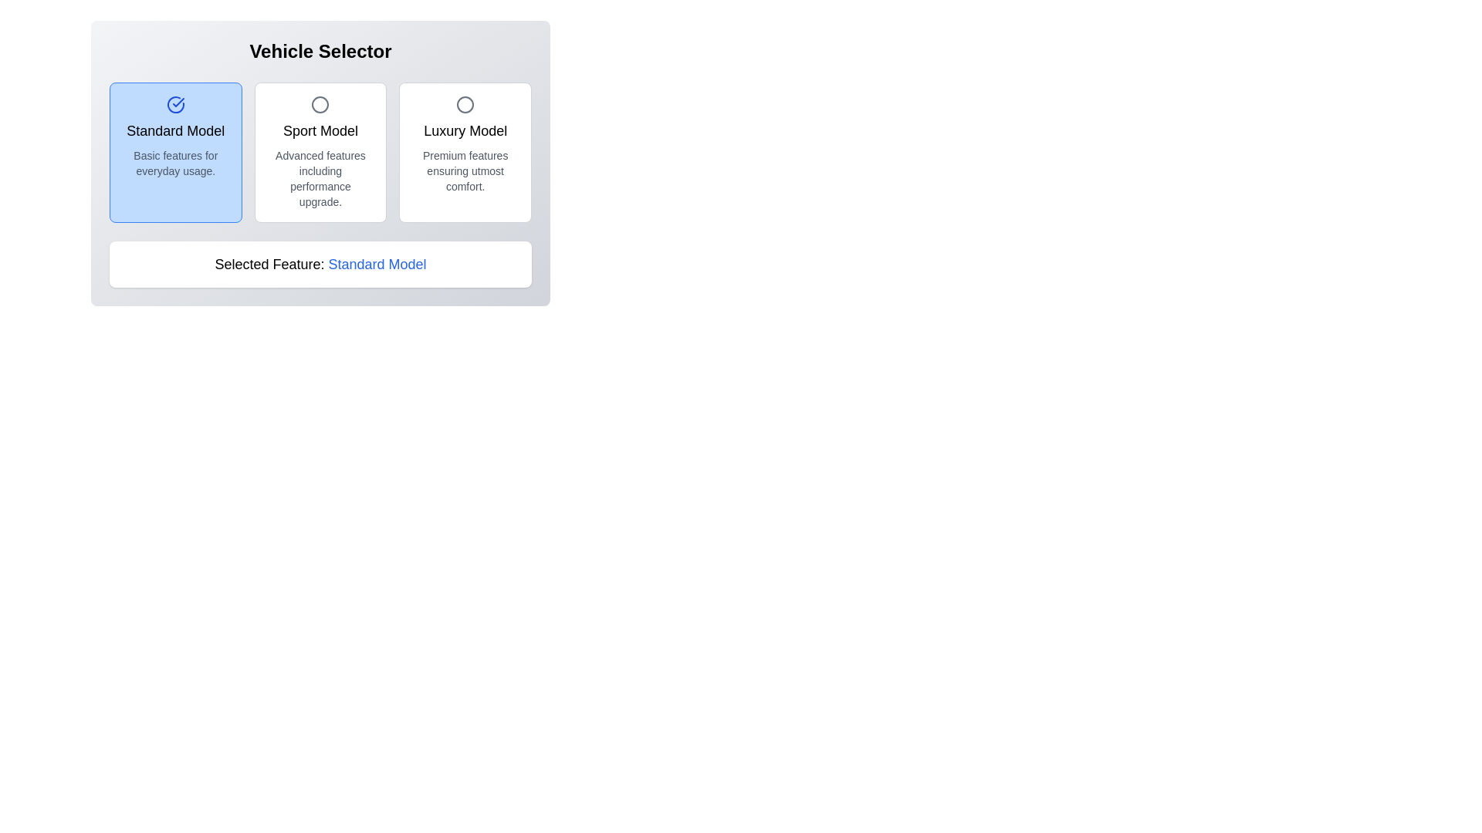 The height and width of the screenshot is (833, 1482). What do you see at coordinates (175, 130) in the screenshot?
I see `the text label located within the 'Standard Model' card, which serves as the key identifying name for the card, positioned centrally below an icon and above a description text` at bounding box center [175, 130].